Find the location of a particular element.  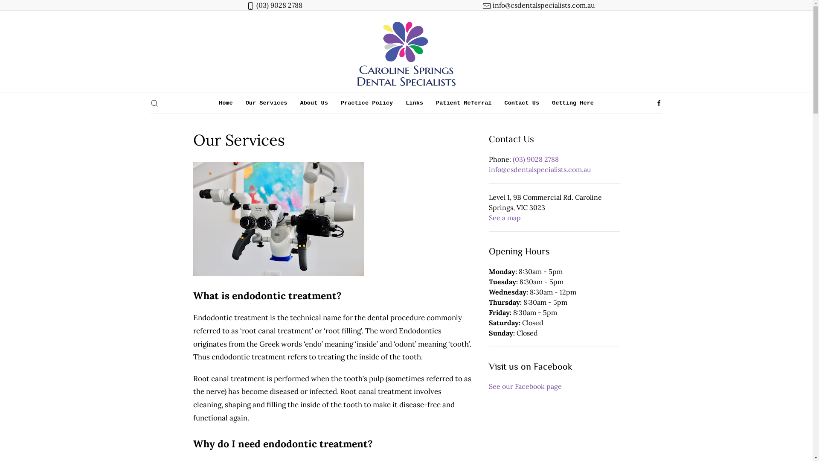

'See a map' is located at coordinates (505, 217).